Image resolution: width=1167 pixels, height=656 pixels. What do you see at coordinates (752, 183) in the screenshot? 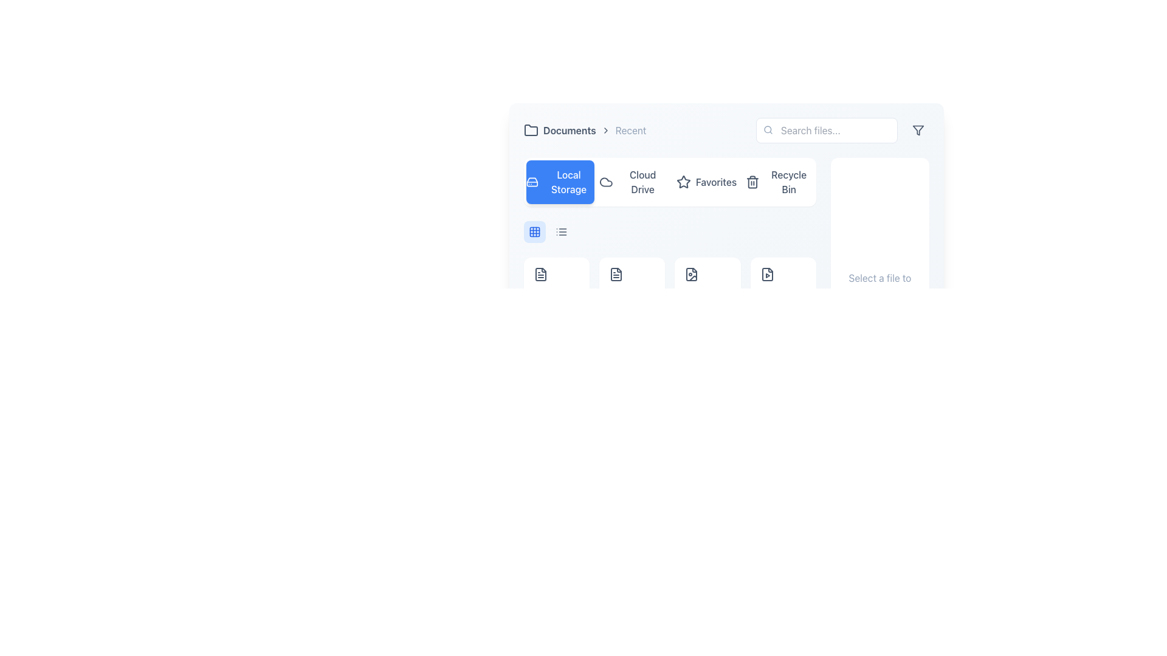
I see `the trash can icon's body element in the menu bar` at bounding box center [752, 183].